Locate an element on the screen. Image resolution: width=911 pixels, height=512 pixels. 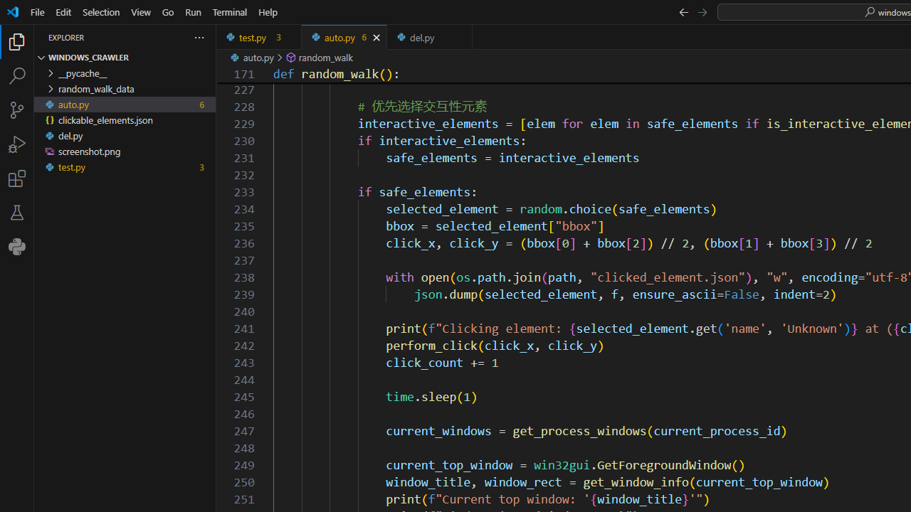
'Explorer (Ctrl+Shift+E)' is located at coordinates (17, 41).